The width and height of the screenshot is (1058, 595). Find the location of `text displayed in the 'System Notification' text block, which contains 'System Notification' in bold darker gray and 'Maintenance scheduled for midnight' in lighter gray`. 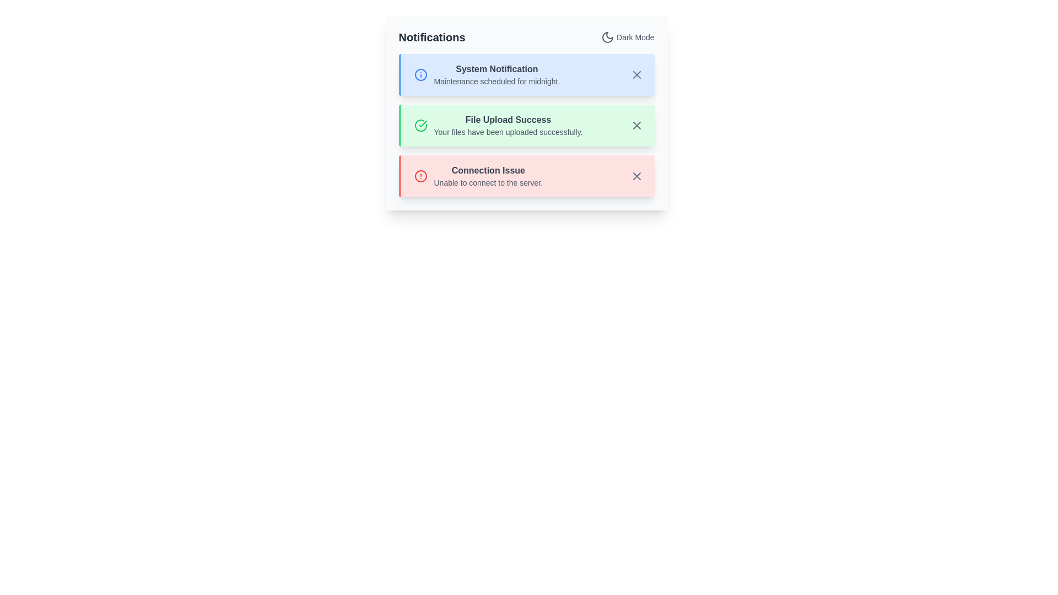

text displayed in the 'System Notification' text block, which contains 'System Notification' in bold darker gray and 'Maintenance scheduled for midnight' in lighter gray is located at coordinates (496, 74).